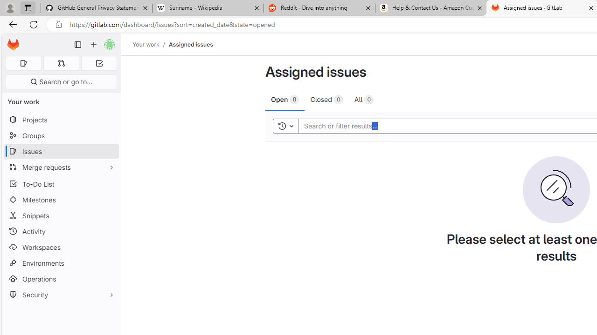 This screenshot has height=335, width=597. What do you see at coordinates (61, 295) in the screenshot?
I see `'Security'` at bounding box center [61, 295].